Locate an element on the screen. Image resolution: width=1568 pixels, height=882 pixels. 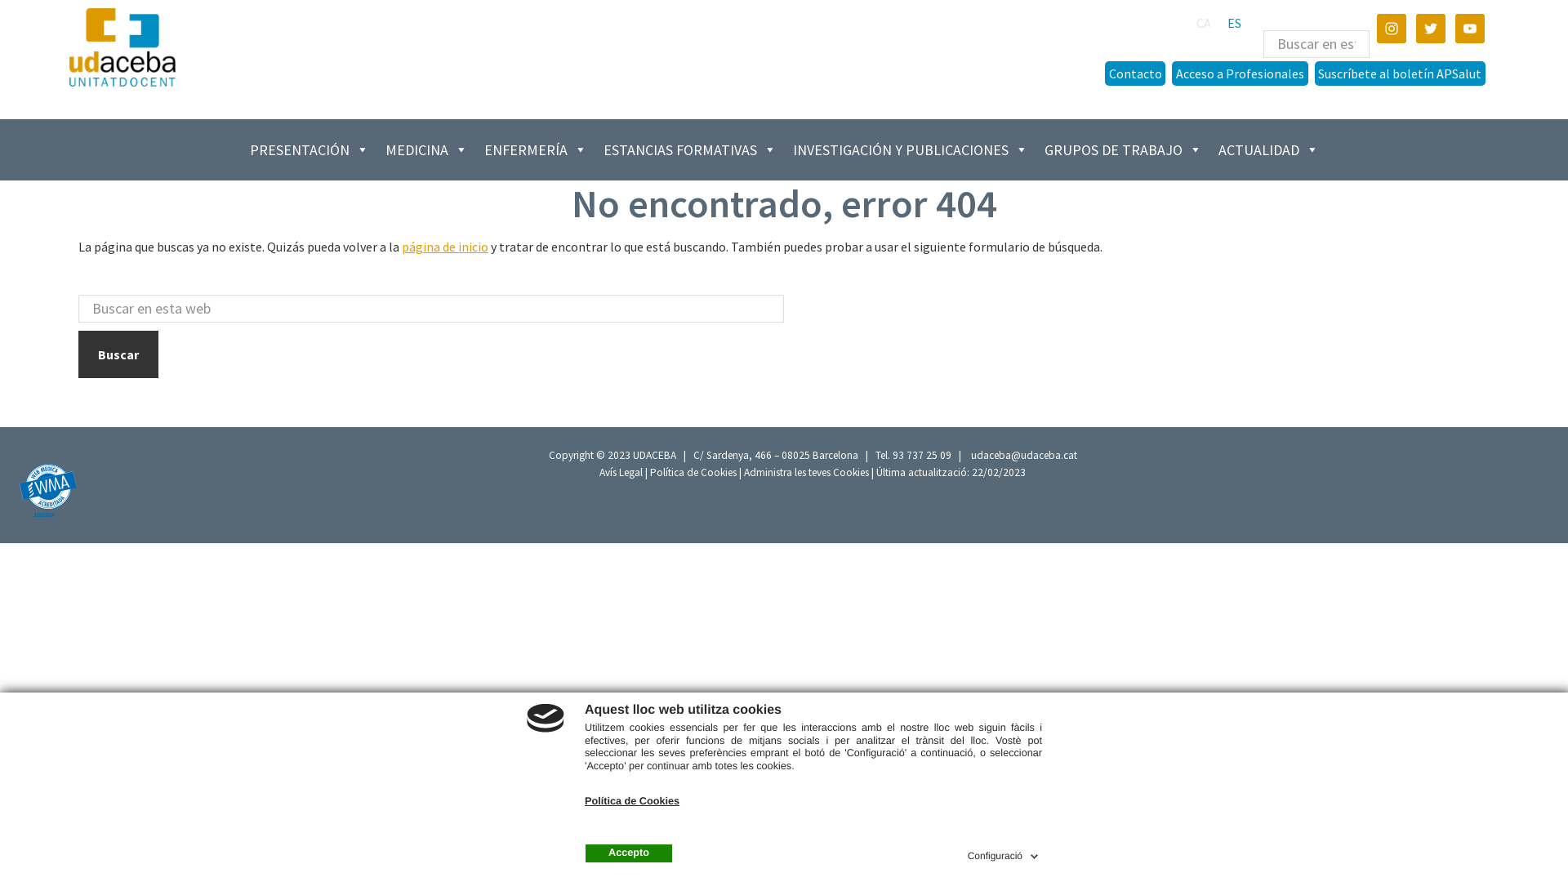
'Accepto' is located at coordinates (627, 853).